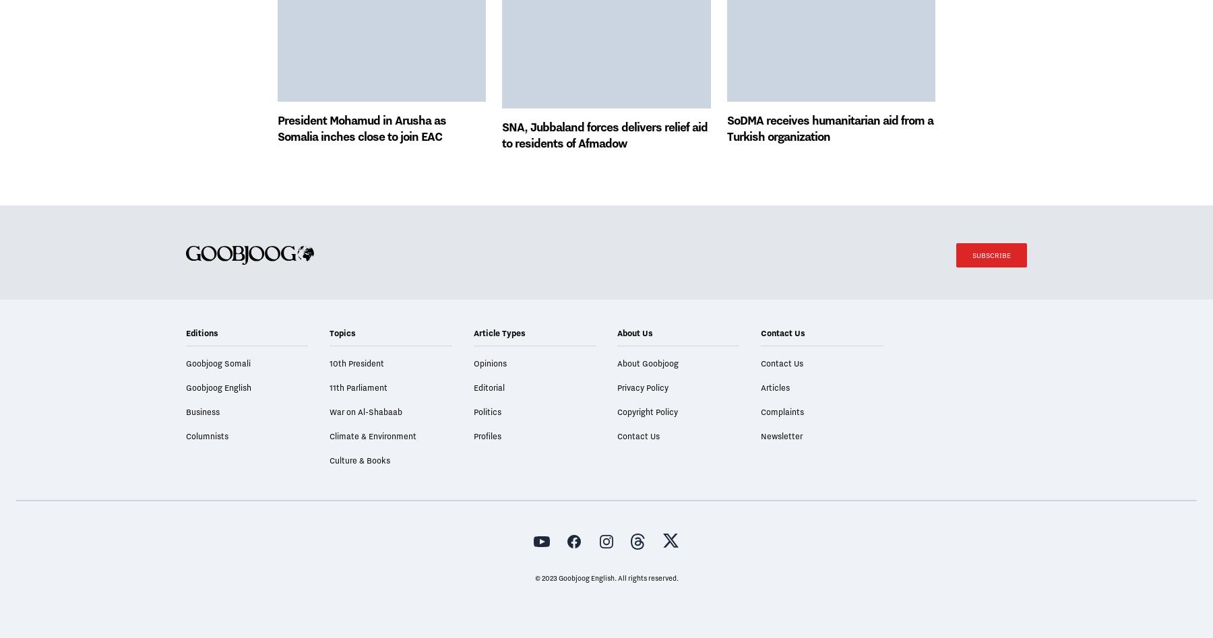 This screenshot has width=1213, height=638. What do you see at coordinates (489, 401) in the screenshot?
I see `'Opinions'` at bounding box center [489, 401].